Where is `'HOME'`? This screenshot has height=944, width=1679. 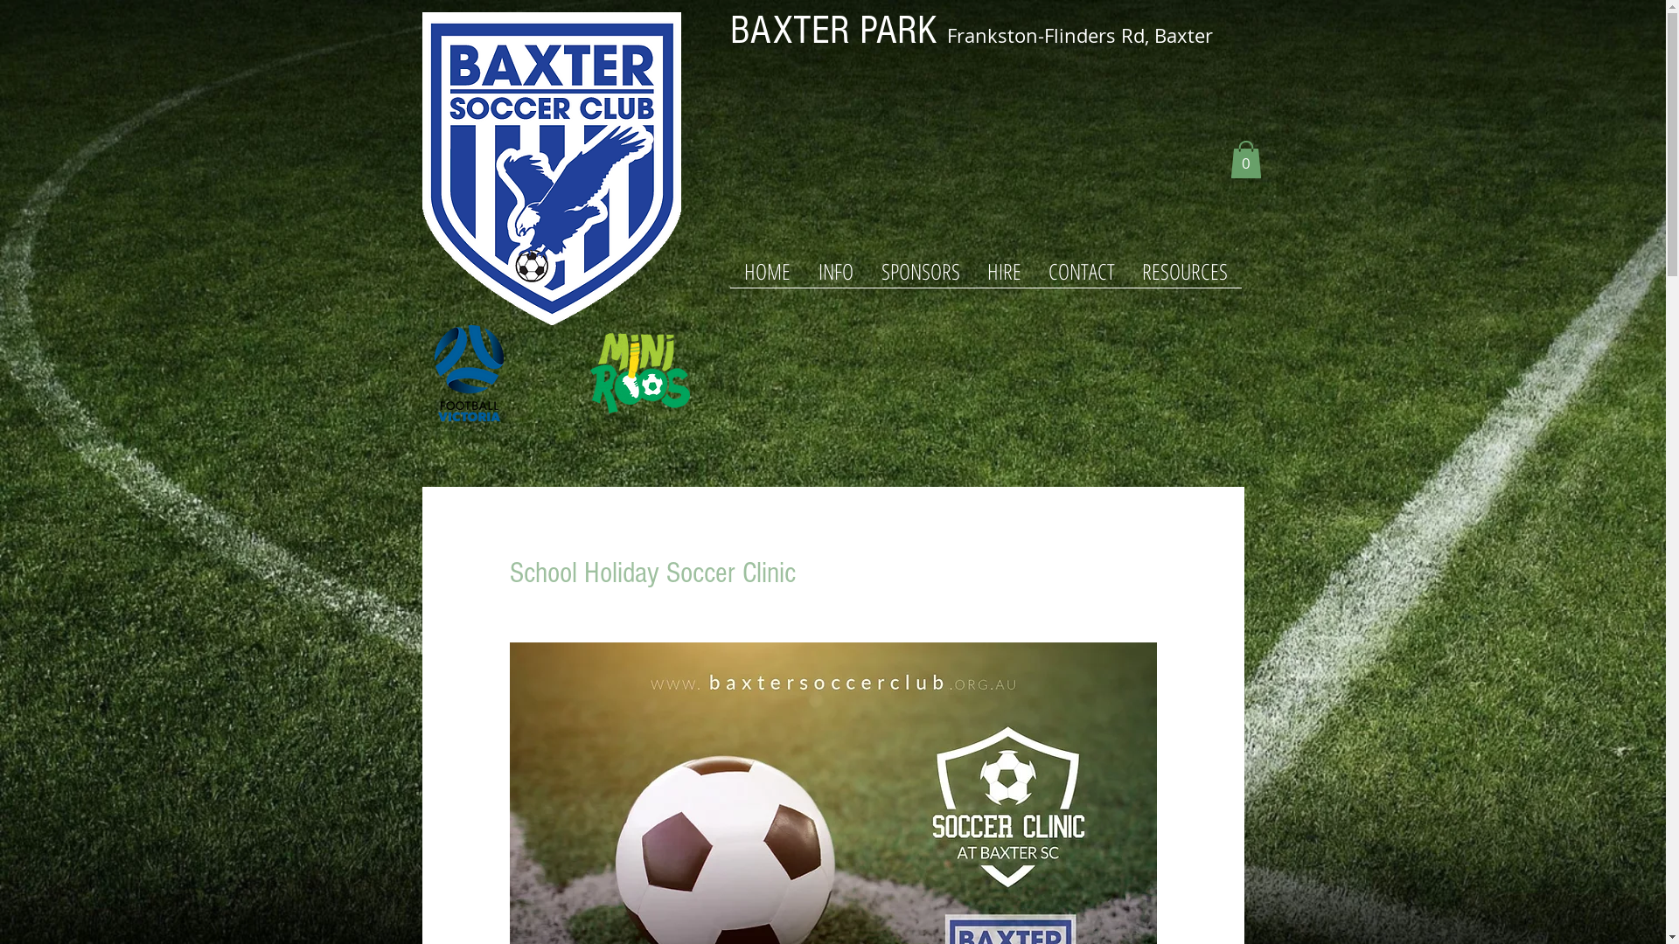
'HOME' is located at coordinates (766, 275).